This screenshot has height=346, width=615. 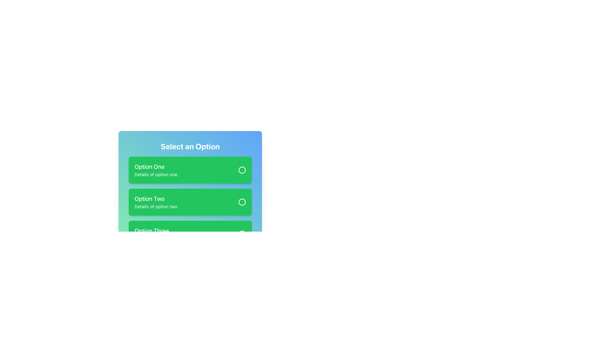 I want to click on the circular Radio Button Indicator for the third option, so click(x=242, y=234).